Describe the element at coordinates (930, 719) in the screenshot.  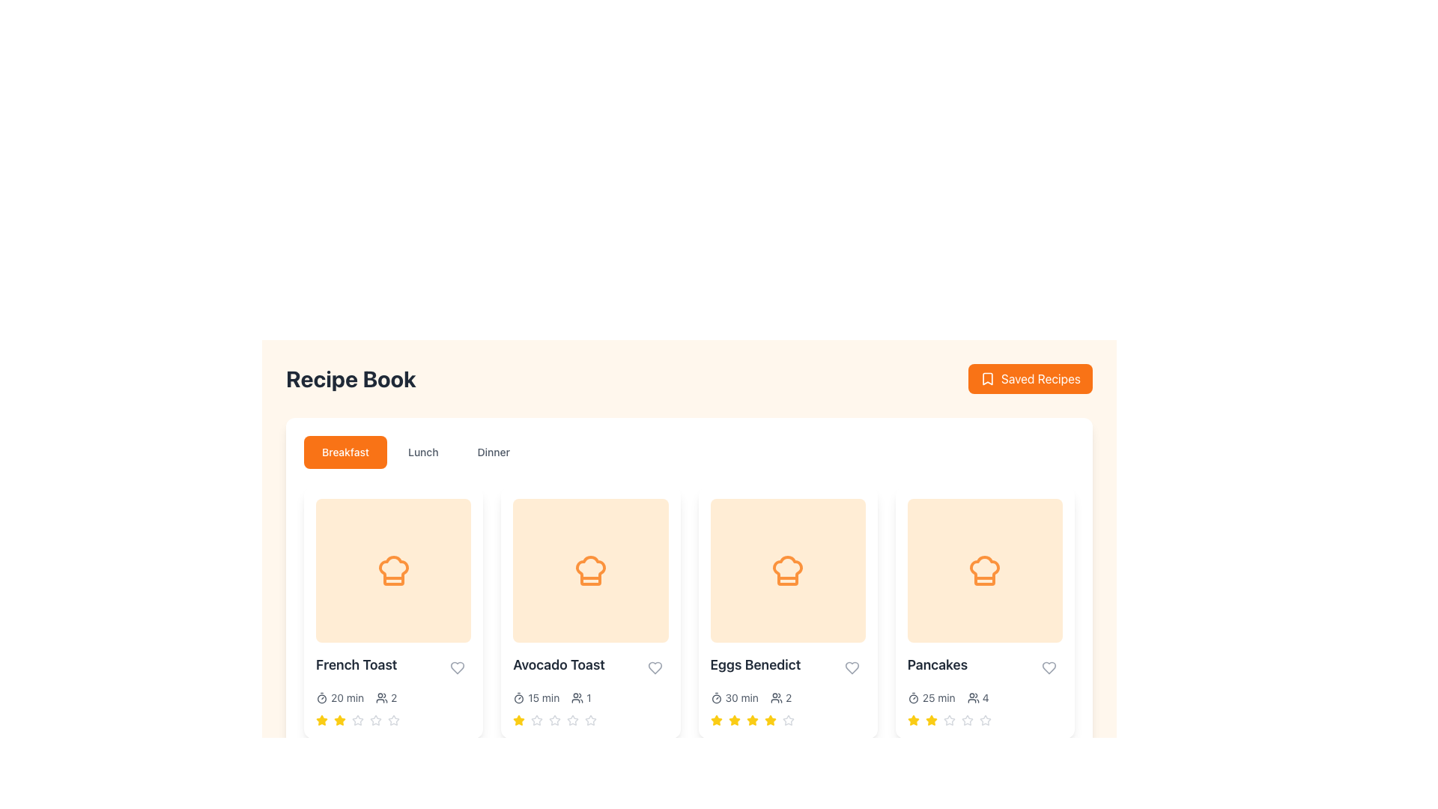
I see `the fully yellow star icon representing the first rating option below the 'Pancakes' card in the Breakfast section` at that location.